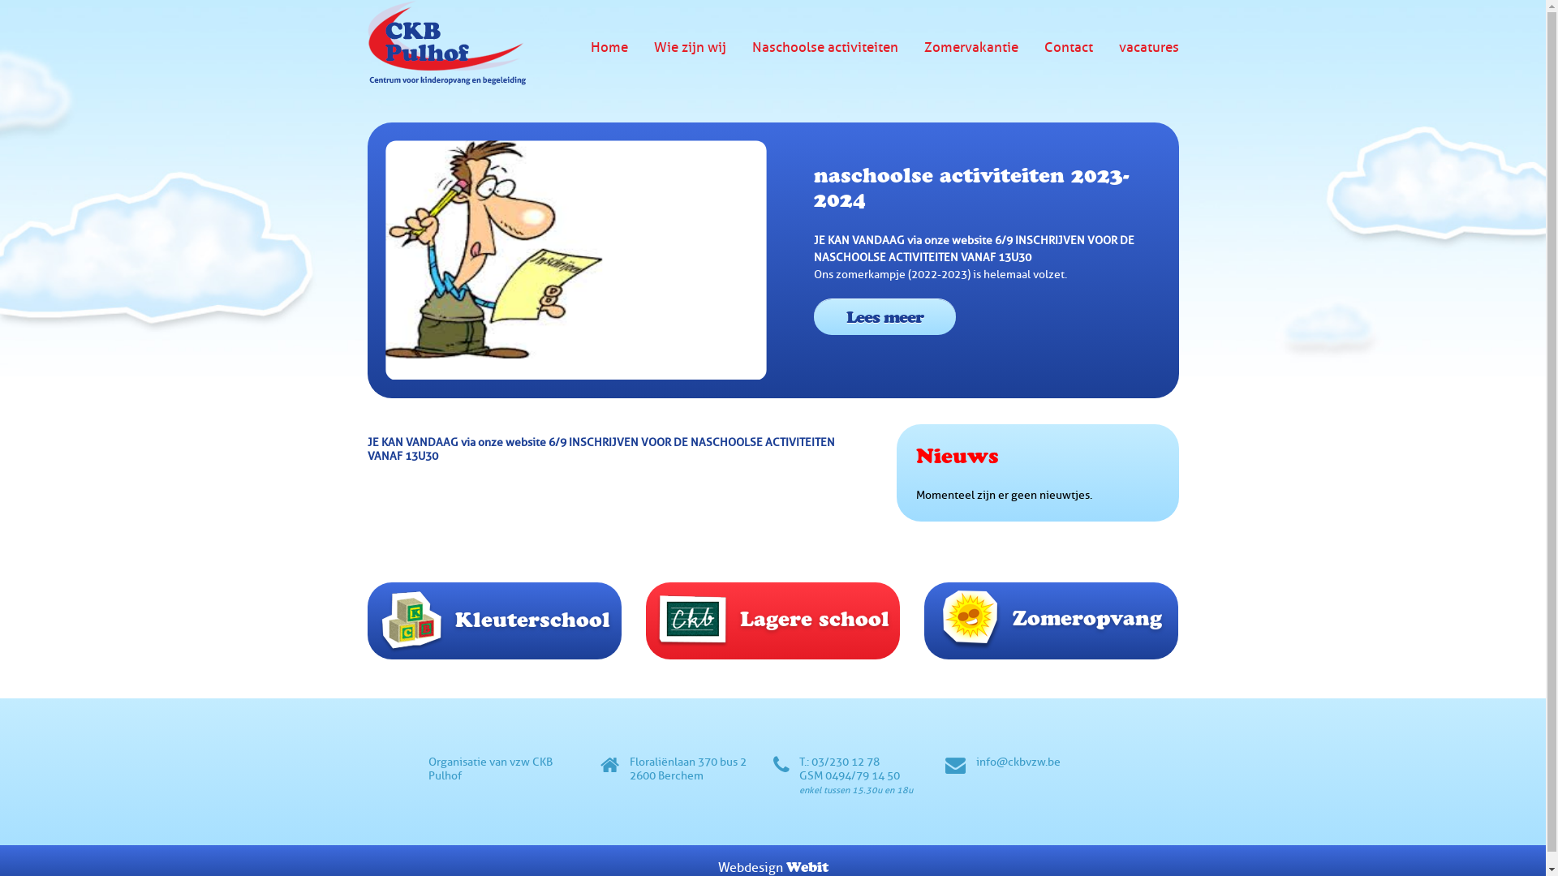 This screenshot has height=876, width=1558. Describe the element at coordinates (1147, 46) in the screenshot. I see `'vacatures'` at that location.